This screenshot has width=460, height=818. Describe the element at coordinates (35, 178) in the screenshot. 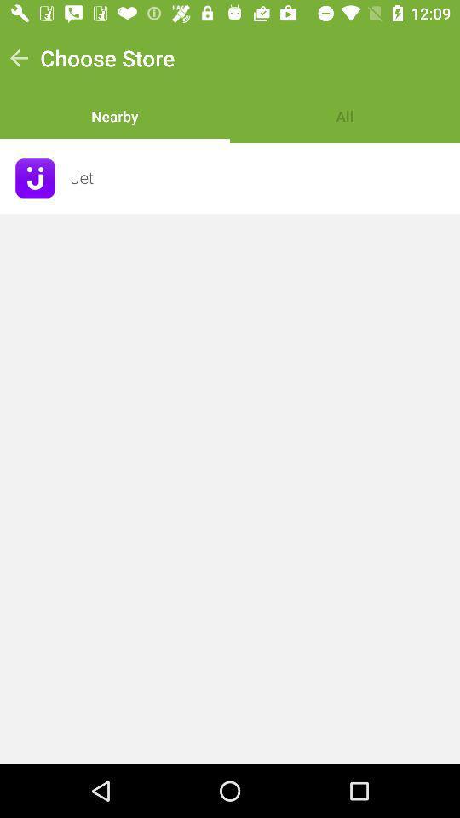

I see `item to the left of jet icon` at that location.